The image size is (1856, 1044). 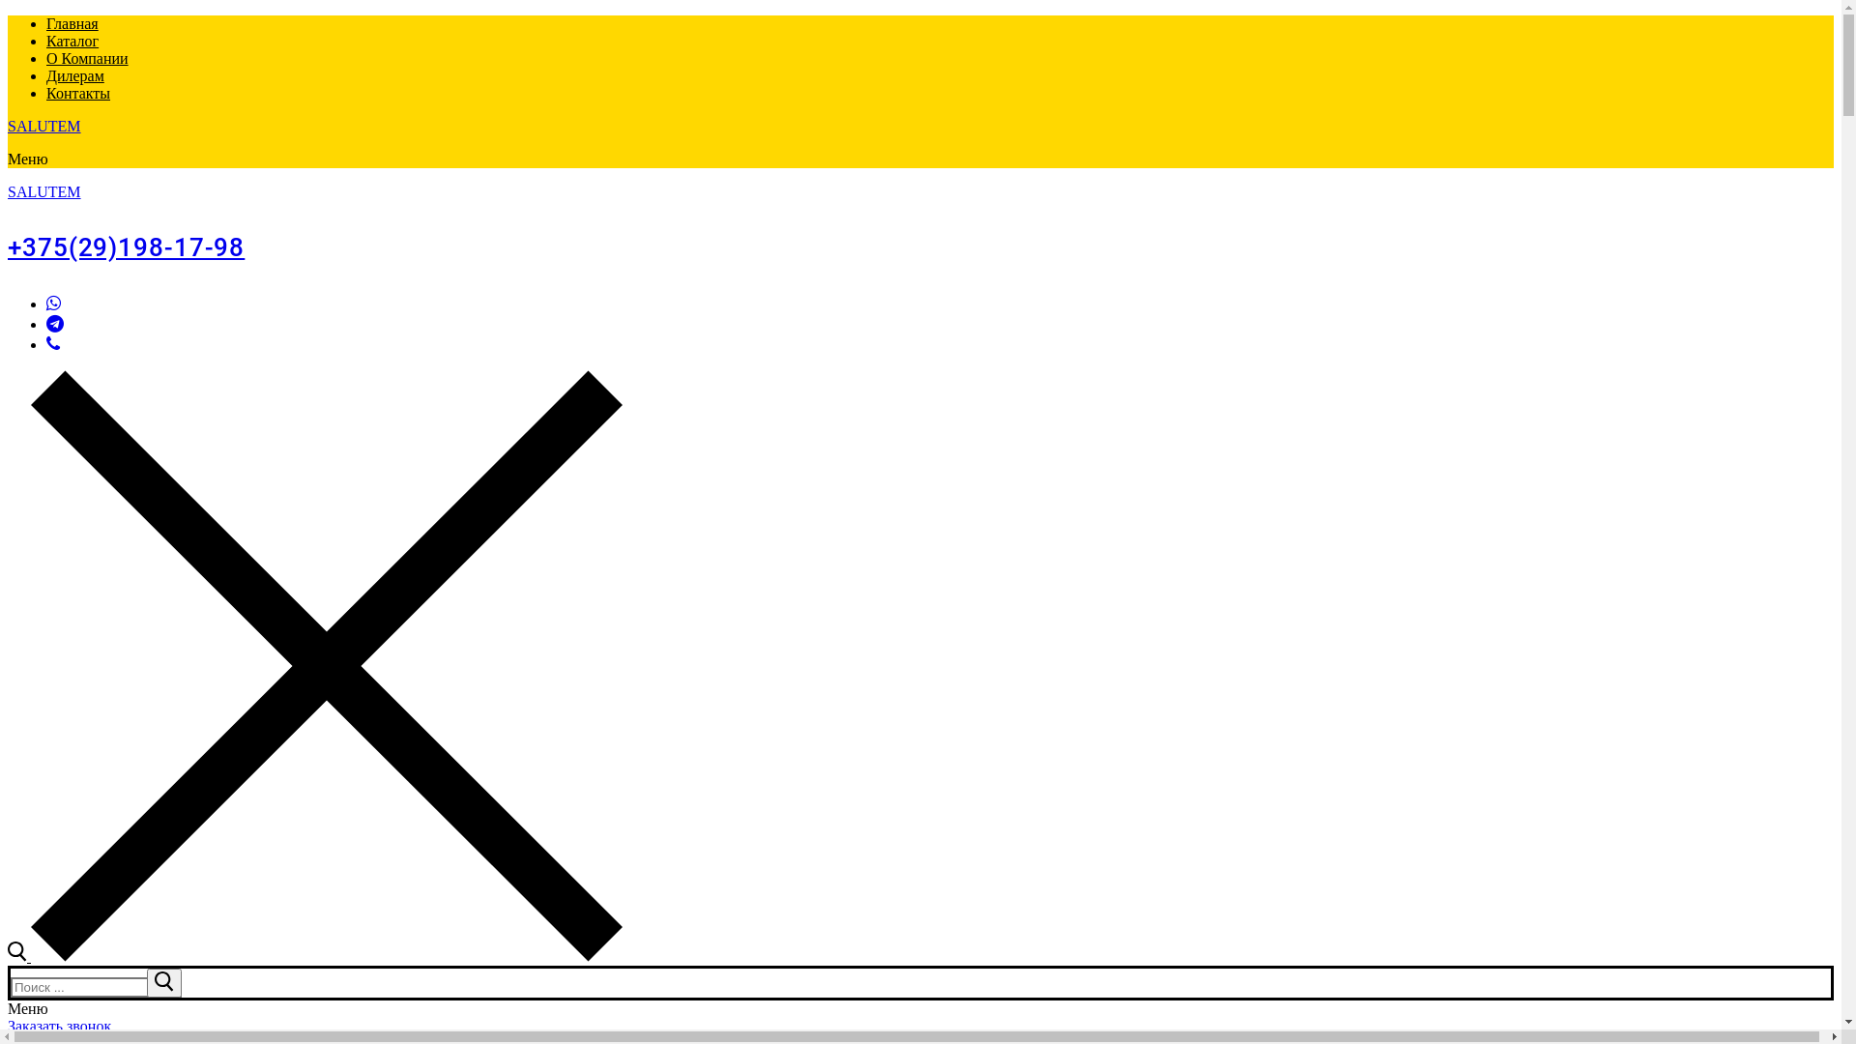 What do you see at coordinates (53, 303) in the screenshot?
I see `'WhatsApp'` at bounding box center [53, 303].